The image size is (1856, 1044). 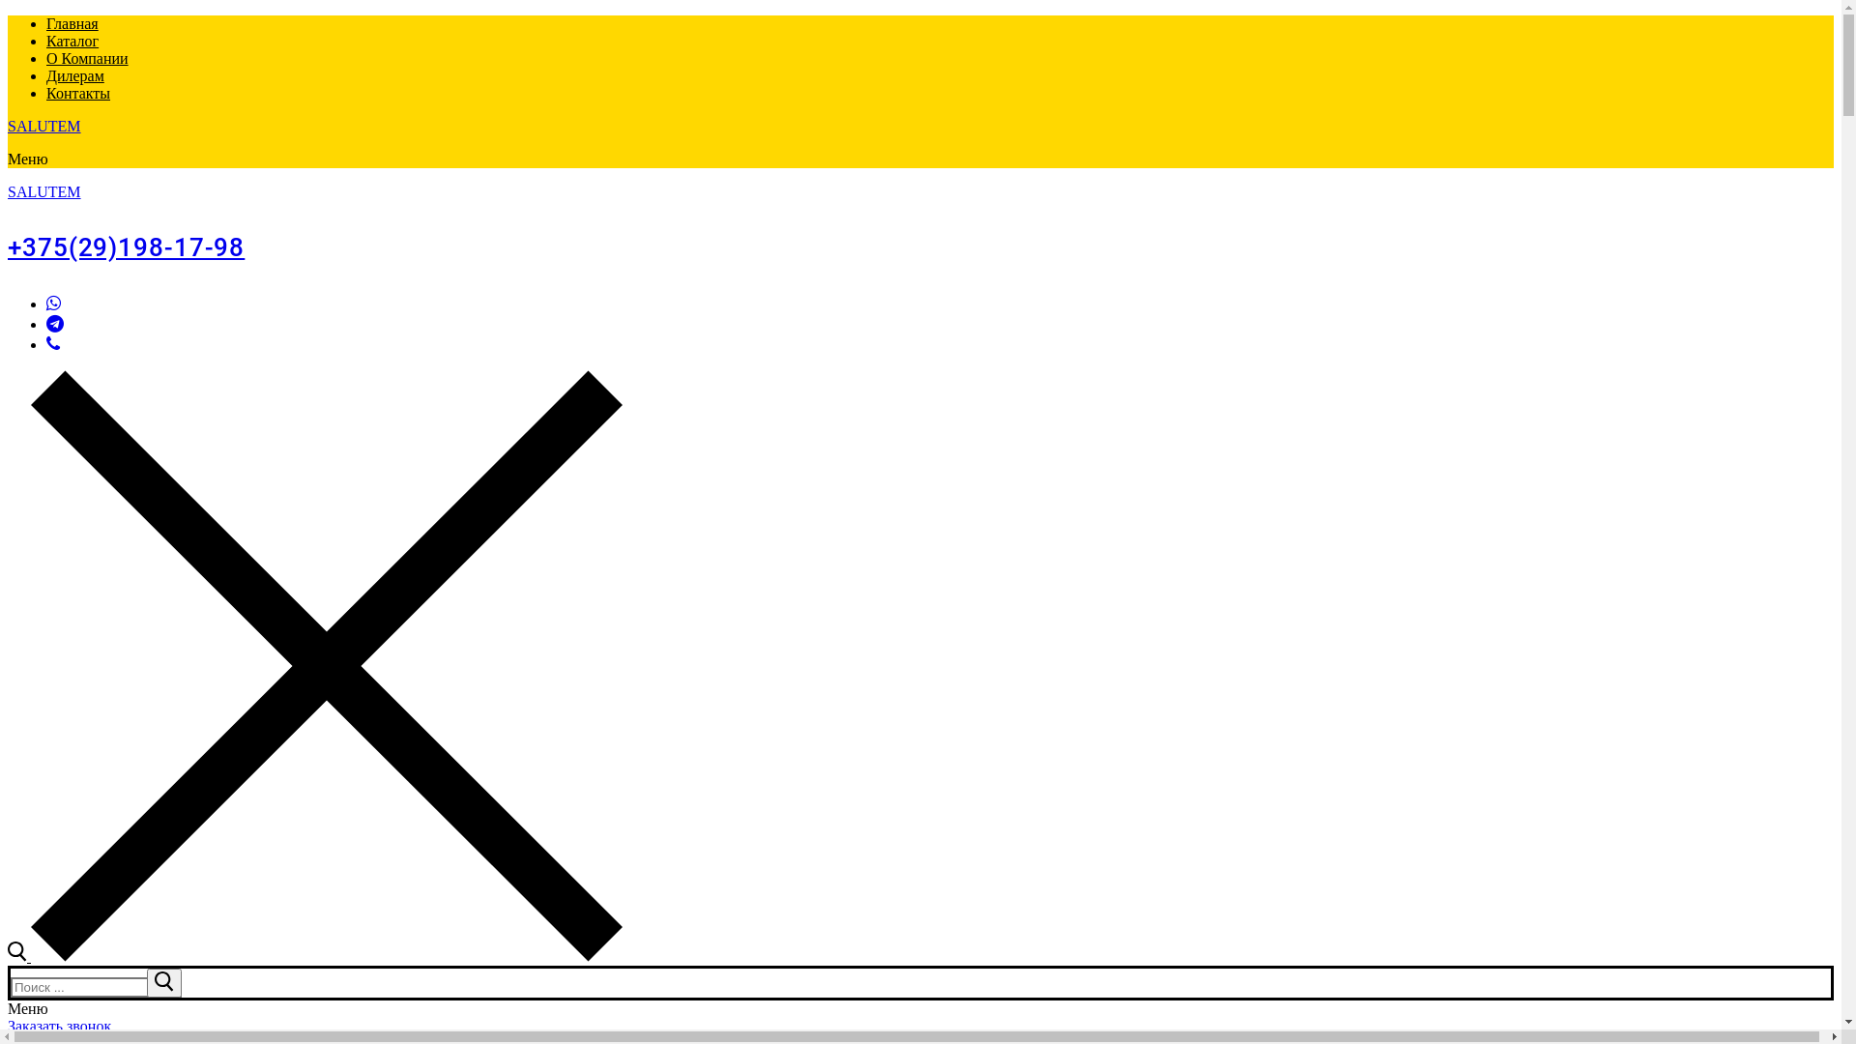 What do you see at coordinates (53, 303) in the screenshot?
I see `'WhatsApp'` at bounding box center [53, 303].